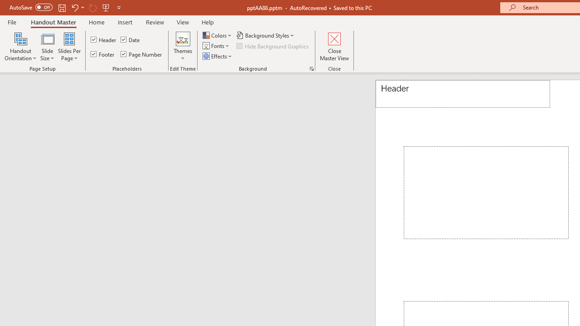  What do you see at coordinates (312, 68) in the screenshot?
I see `'Format Background...'` at bounding box center [312, 68].